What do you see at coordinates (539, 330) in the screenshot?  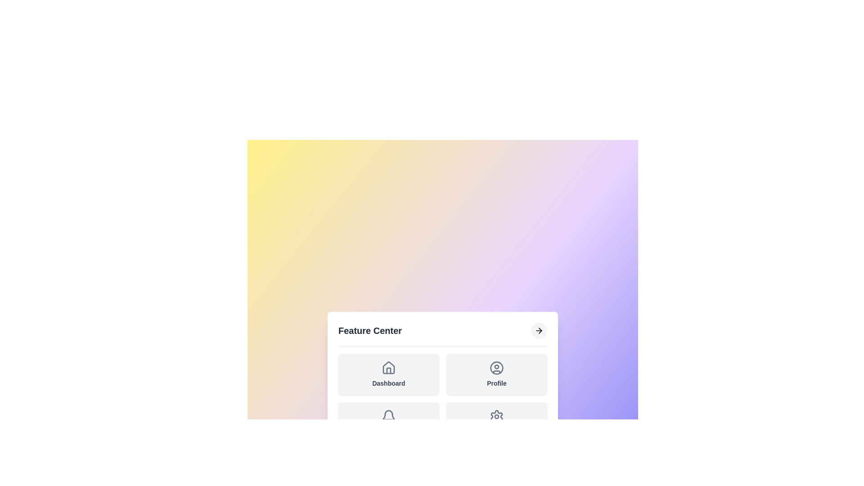 I see `the arrow button to toggle the menu visibility` at bounding box center [539, 330].